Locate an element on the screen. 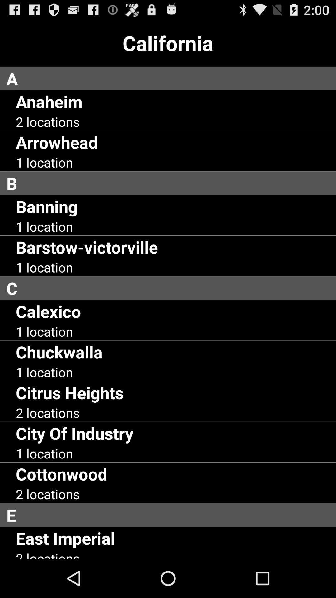 Image resolution: width=336 pixels, height=598 pixels. the chuckwalla is located at coordinates (59, 352).